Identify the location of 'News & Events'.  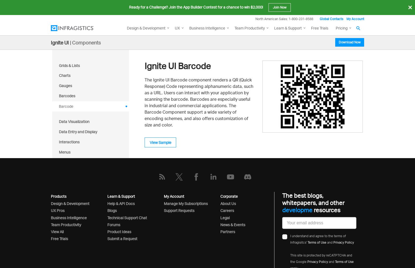
(233, 224).